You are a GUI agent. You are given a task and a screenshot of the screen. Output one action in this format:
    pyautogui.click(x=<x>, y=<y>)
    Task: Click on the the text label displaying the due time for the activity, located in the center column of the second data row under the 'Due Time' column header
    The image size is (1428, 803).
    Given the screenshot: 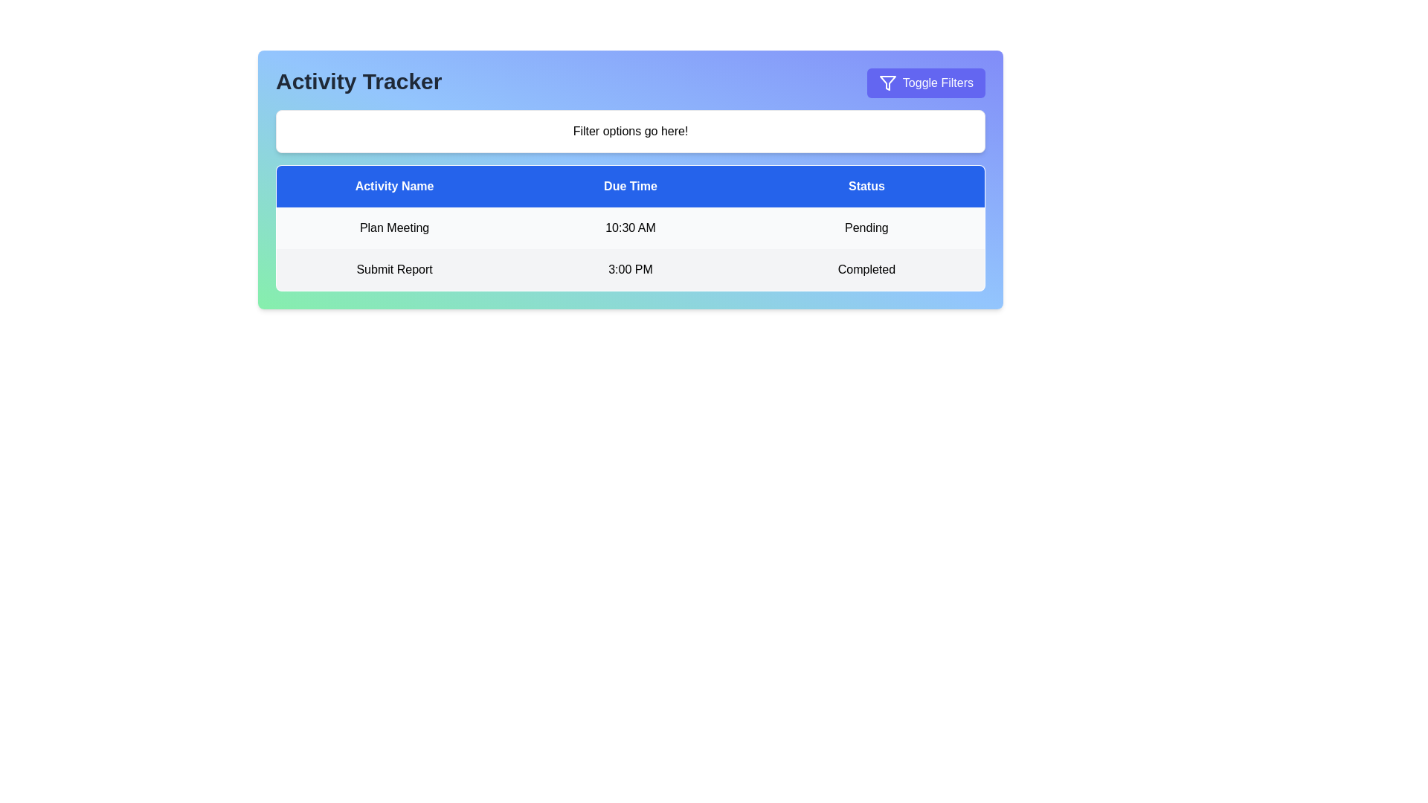 What is the action you would take?
    pyautogui.click(x=631, y=270)
    